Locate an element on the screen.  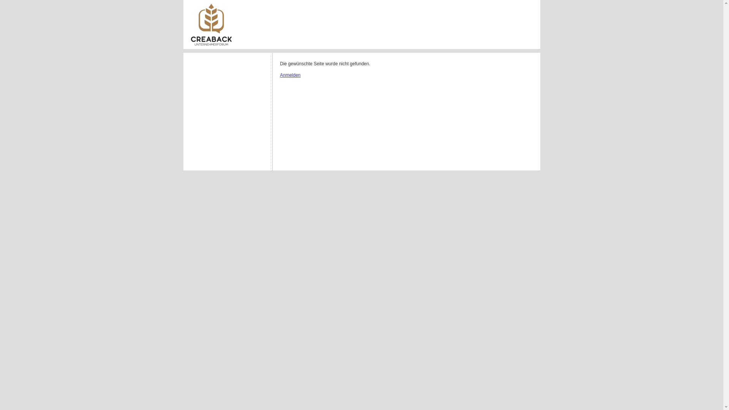
'Nicht gefunden' is located at coordinates (211, 24).